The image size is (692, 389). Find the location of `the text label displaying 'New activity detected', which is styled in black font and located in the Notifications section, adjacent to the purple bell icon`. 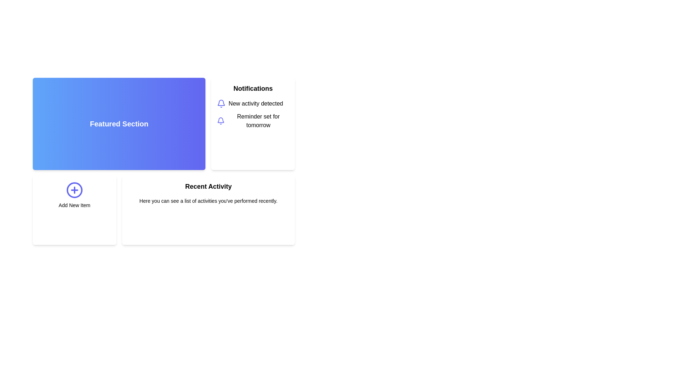

the text label displaying 'New activity detected', which is styled in black font and located in the Notifications section, adjacent to the purple bell icon is located at coordinates (256, 104).